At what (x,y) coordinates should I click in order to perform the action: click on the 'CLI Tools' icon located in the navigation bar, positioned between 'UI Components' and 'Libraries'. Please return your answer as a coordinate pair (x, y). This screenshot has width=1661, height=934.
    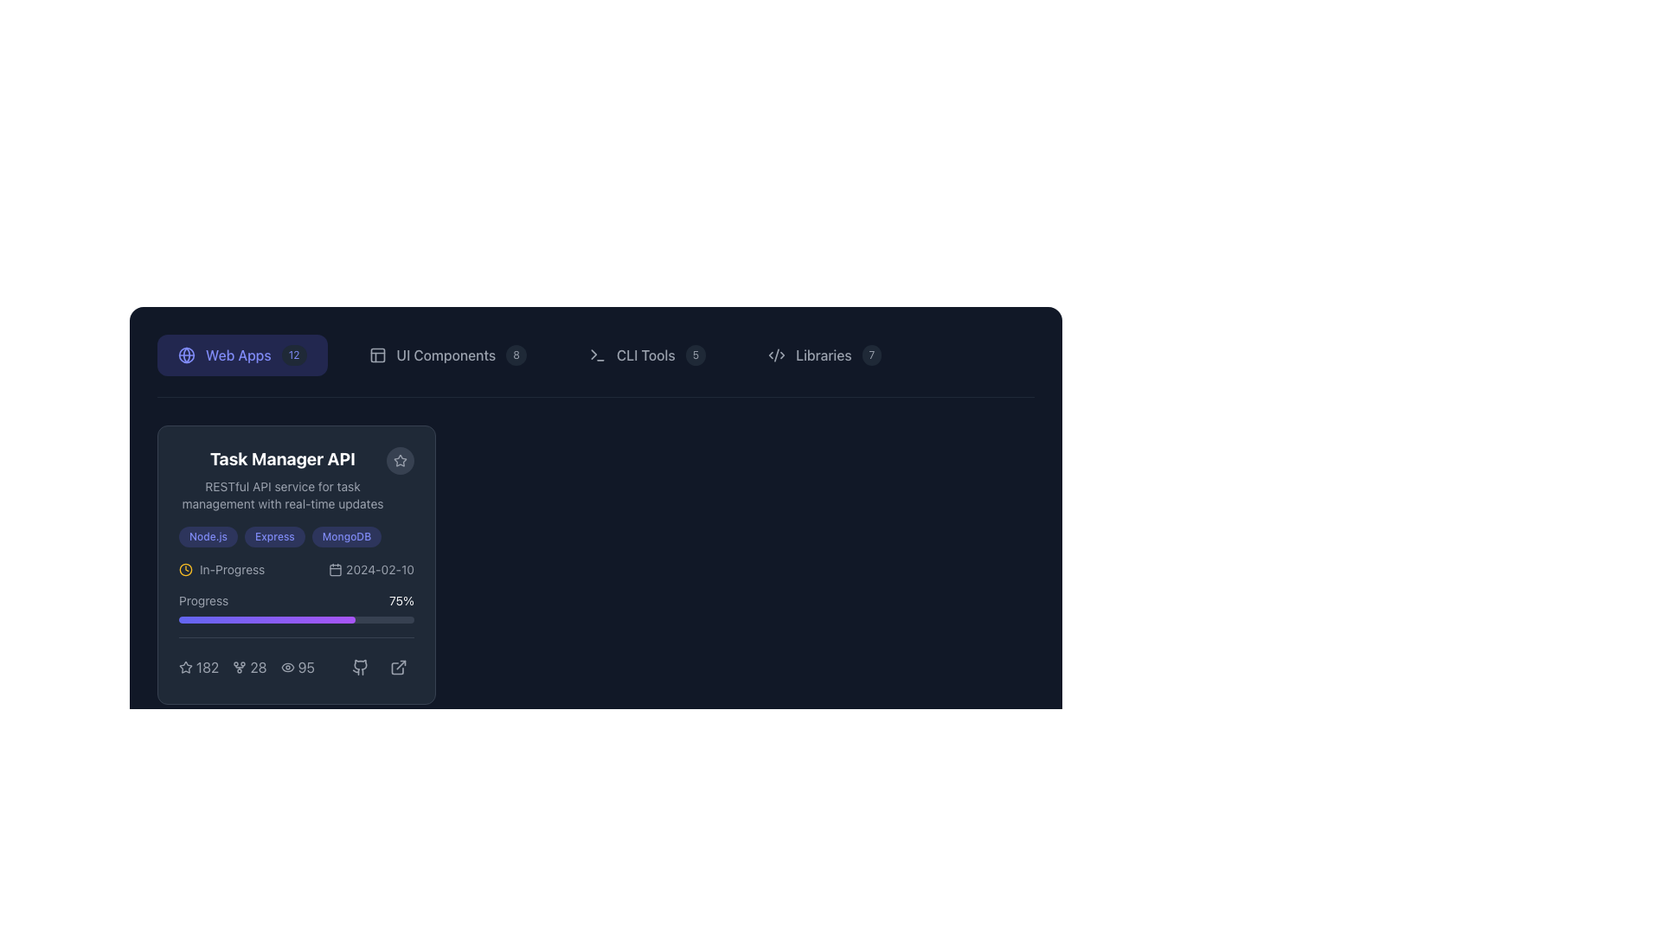
    Looking at the image, I should click on (598, 355).